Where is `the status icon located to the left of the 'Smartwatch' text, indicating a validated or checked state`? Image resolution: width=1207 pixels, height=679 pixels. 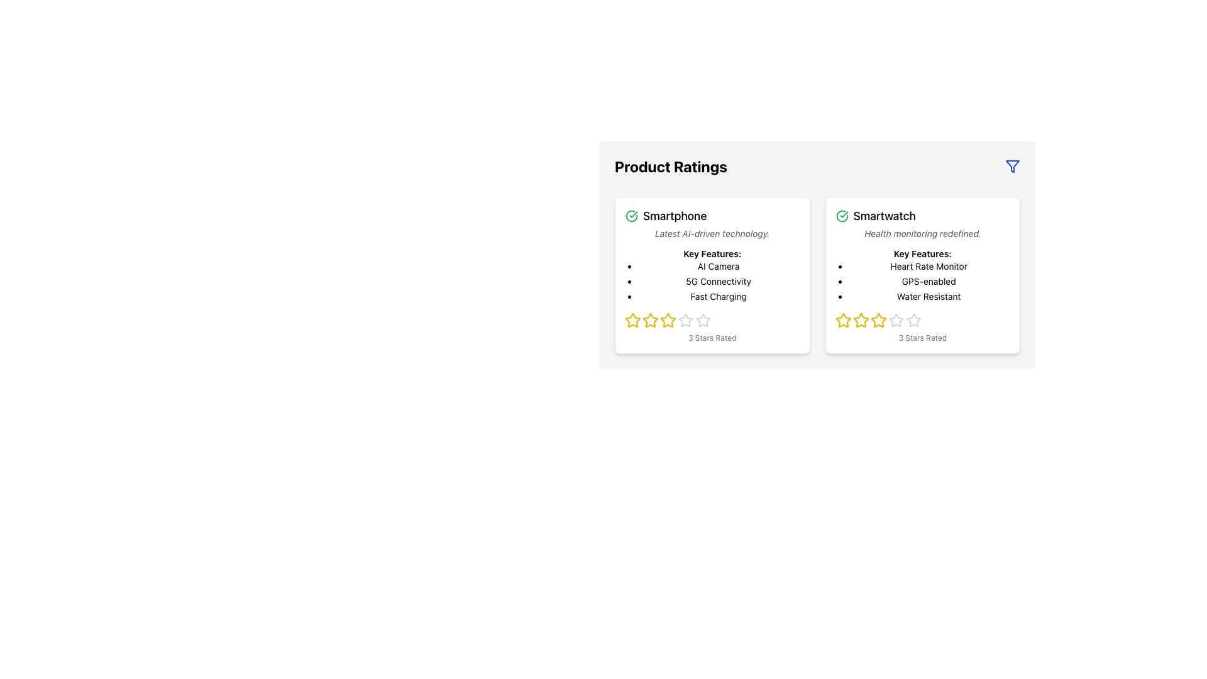
the status icon located to the left of the 'Smartwatch' text, indicating a validated or checked state is located at coordinates (842, 215).